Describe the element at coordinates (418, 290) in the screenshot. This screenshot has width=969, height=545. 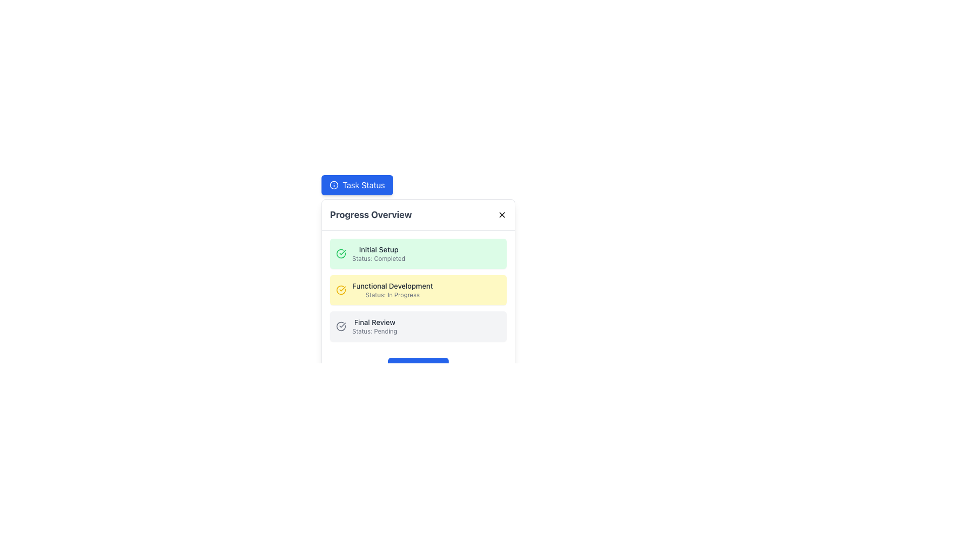
I see `the 'In Progress' status indicator card for the task 'Functional Development' located in the 'Progress Overview' section, positioned between 'Initial Setup' and 'Final Review'` at that location.